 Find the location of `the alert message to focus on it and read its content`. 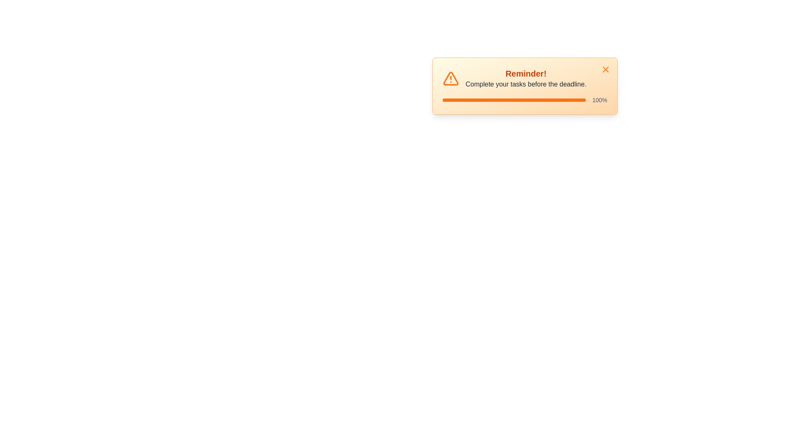

the alert message to focus on it and read its content is located at coordinates (524, 86).